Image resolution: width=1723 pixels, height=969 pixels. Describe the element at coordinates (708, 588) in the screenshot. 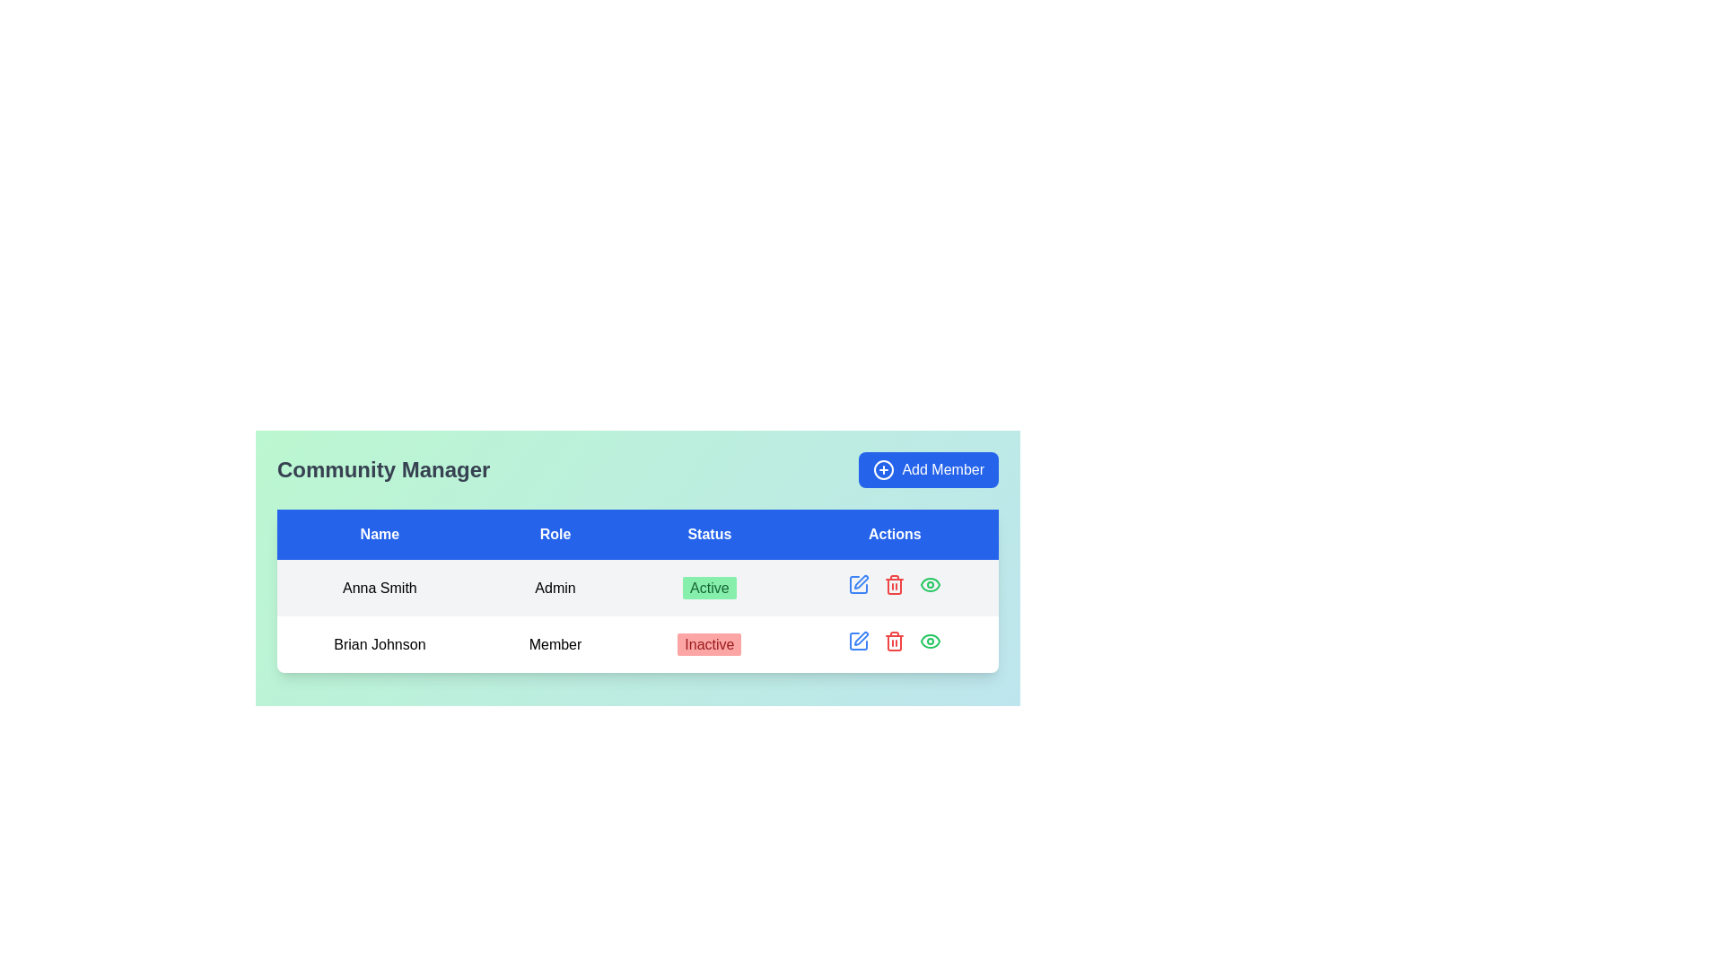

I see `the 'Active' status label for user 'Anna Smith' in the 'Community Manager' table, which is located in the third column of the first row` at that location.